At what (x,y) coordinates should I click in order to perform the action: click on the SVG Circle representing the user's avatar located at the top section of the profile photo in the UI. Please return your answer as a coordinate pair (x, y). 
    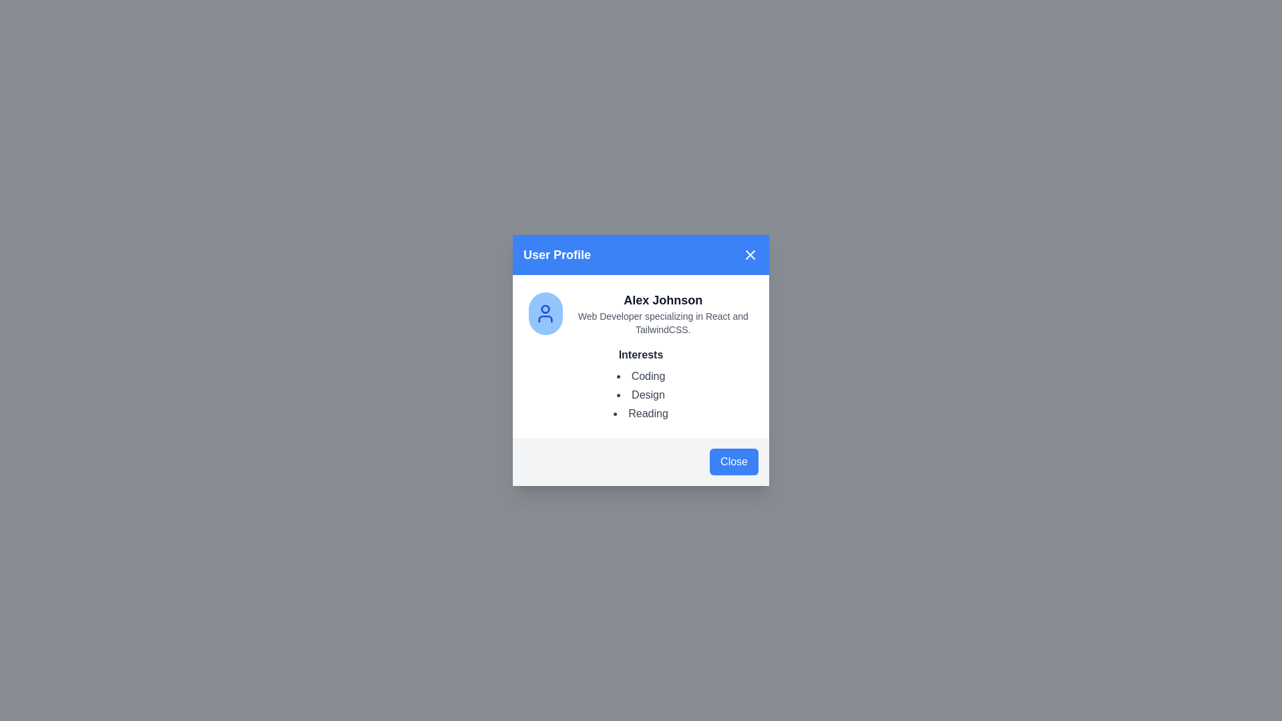
    Looking at the image, I should click on (546, 309).